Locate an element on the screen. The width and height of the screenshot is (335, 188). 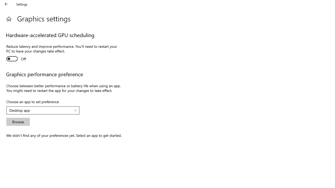
'Back' is located at coordinates (6, 4).